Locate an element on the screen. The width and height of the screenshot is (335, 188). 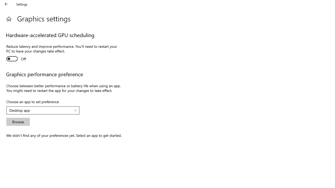
'Back' is located at coordinates (6, 4).